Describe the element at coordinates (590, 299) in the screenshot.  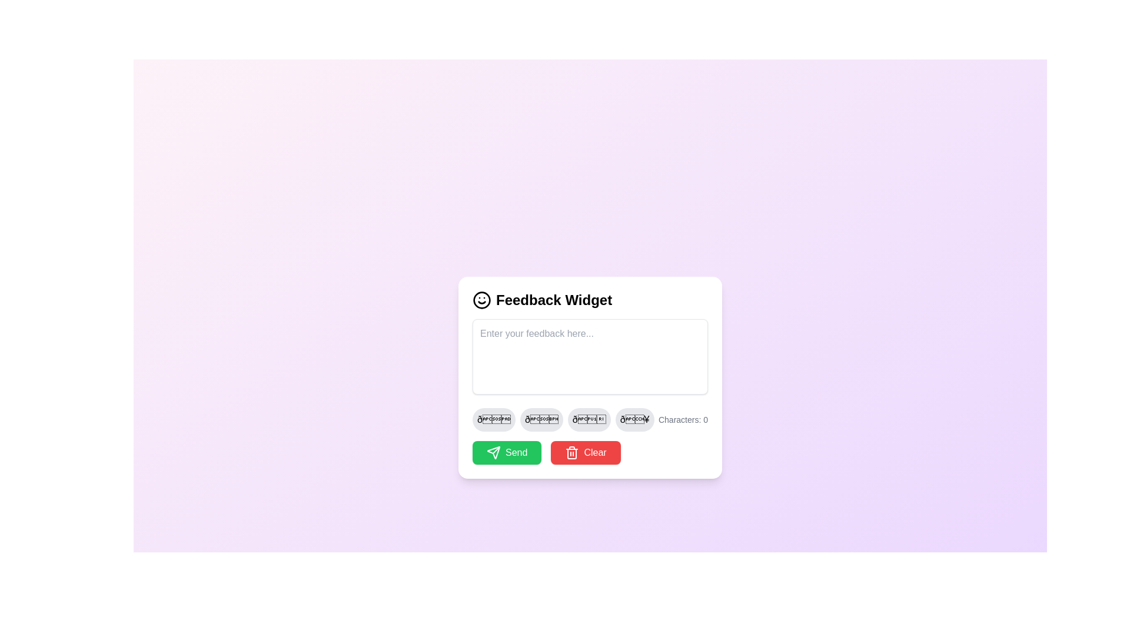
I see `the Text and Icon Header element labeled 'Feedback Widget' which features a circular smiling face icon and bold black text, located at the top of the feedback form` at that location.